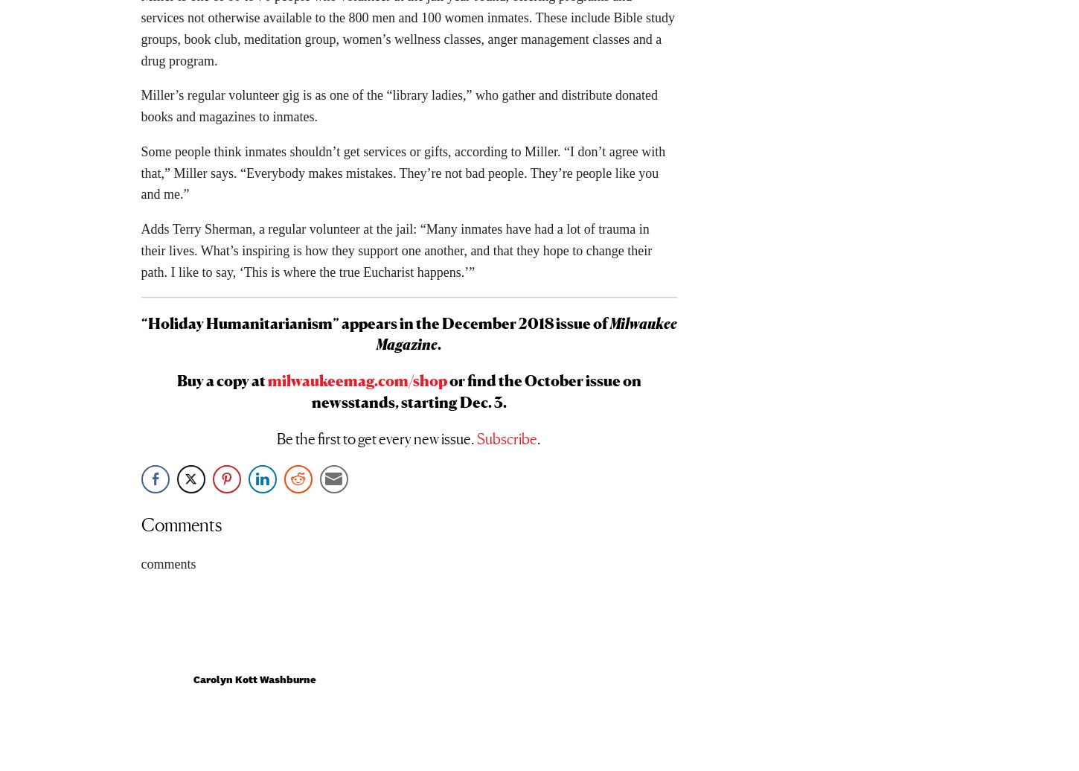 The image size is (1079, 771). What do you see at coordinates (582, 328) in the screenshot?
I see `'issue of'` at bounding box center [582, 328].